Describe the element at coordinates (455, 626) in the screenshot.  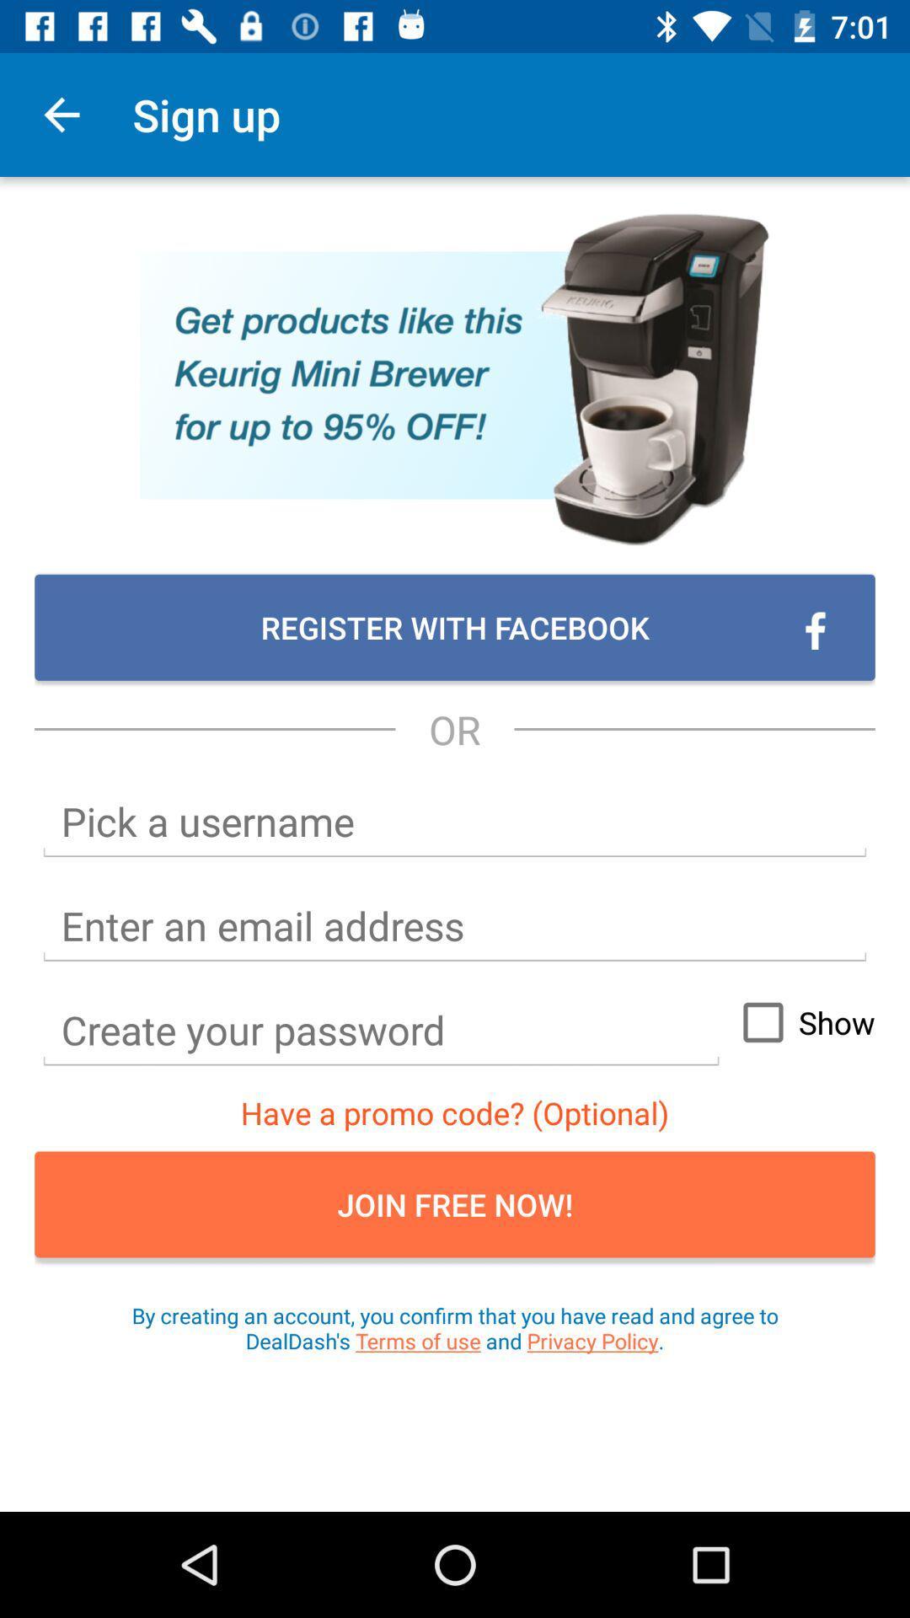
I see `the register with facebook icon` at that location.